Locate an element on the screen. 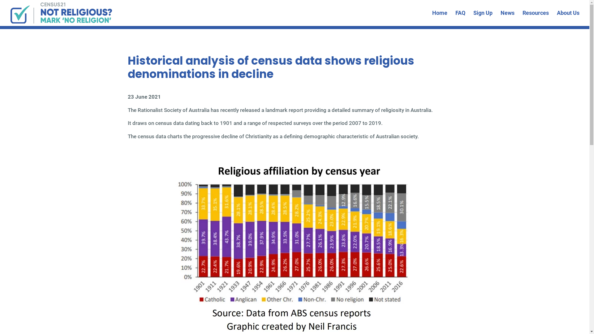 Image resolution: width=594 pixels, height=334 pixels. 'Resources' is located at coordinates (535, 18).